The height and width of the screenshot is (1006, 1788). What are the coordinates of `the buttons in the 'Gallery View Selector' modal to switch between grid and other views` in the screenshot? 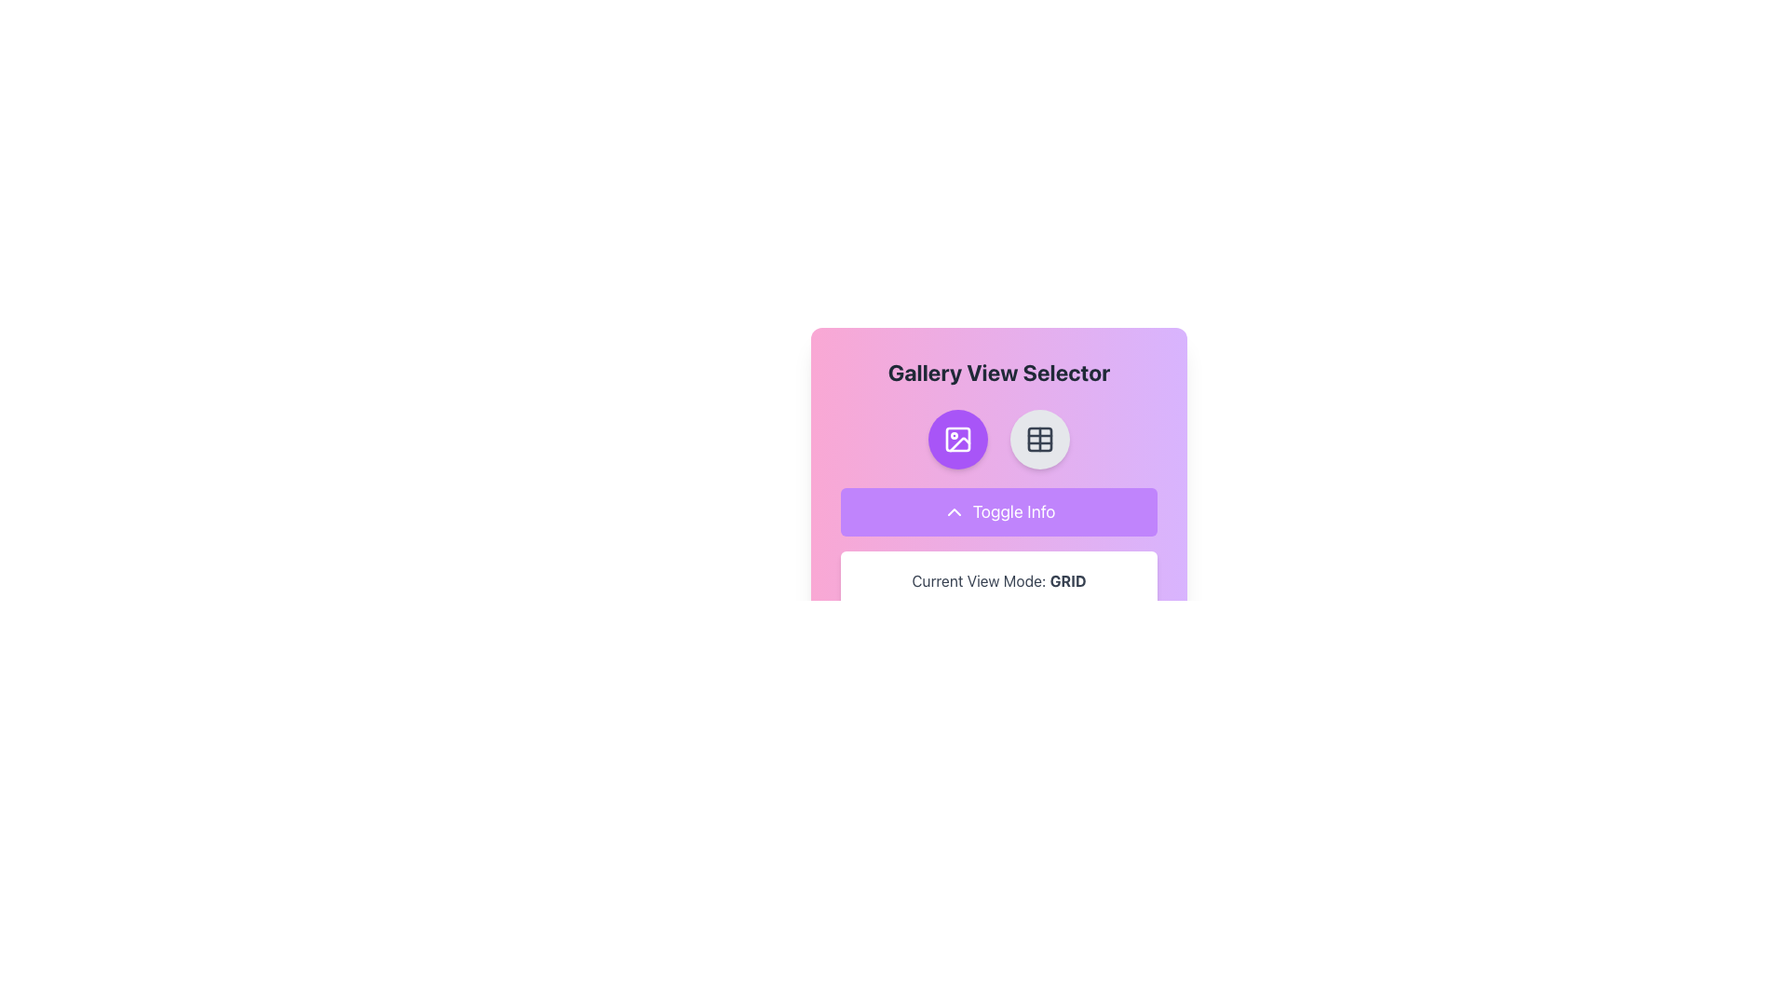 It's located at (998, 453).